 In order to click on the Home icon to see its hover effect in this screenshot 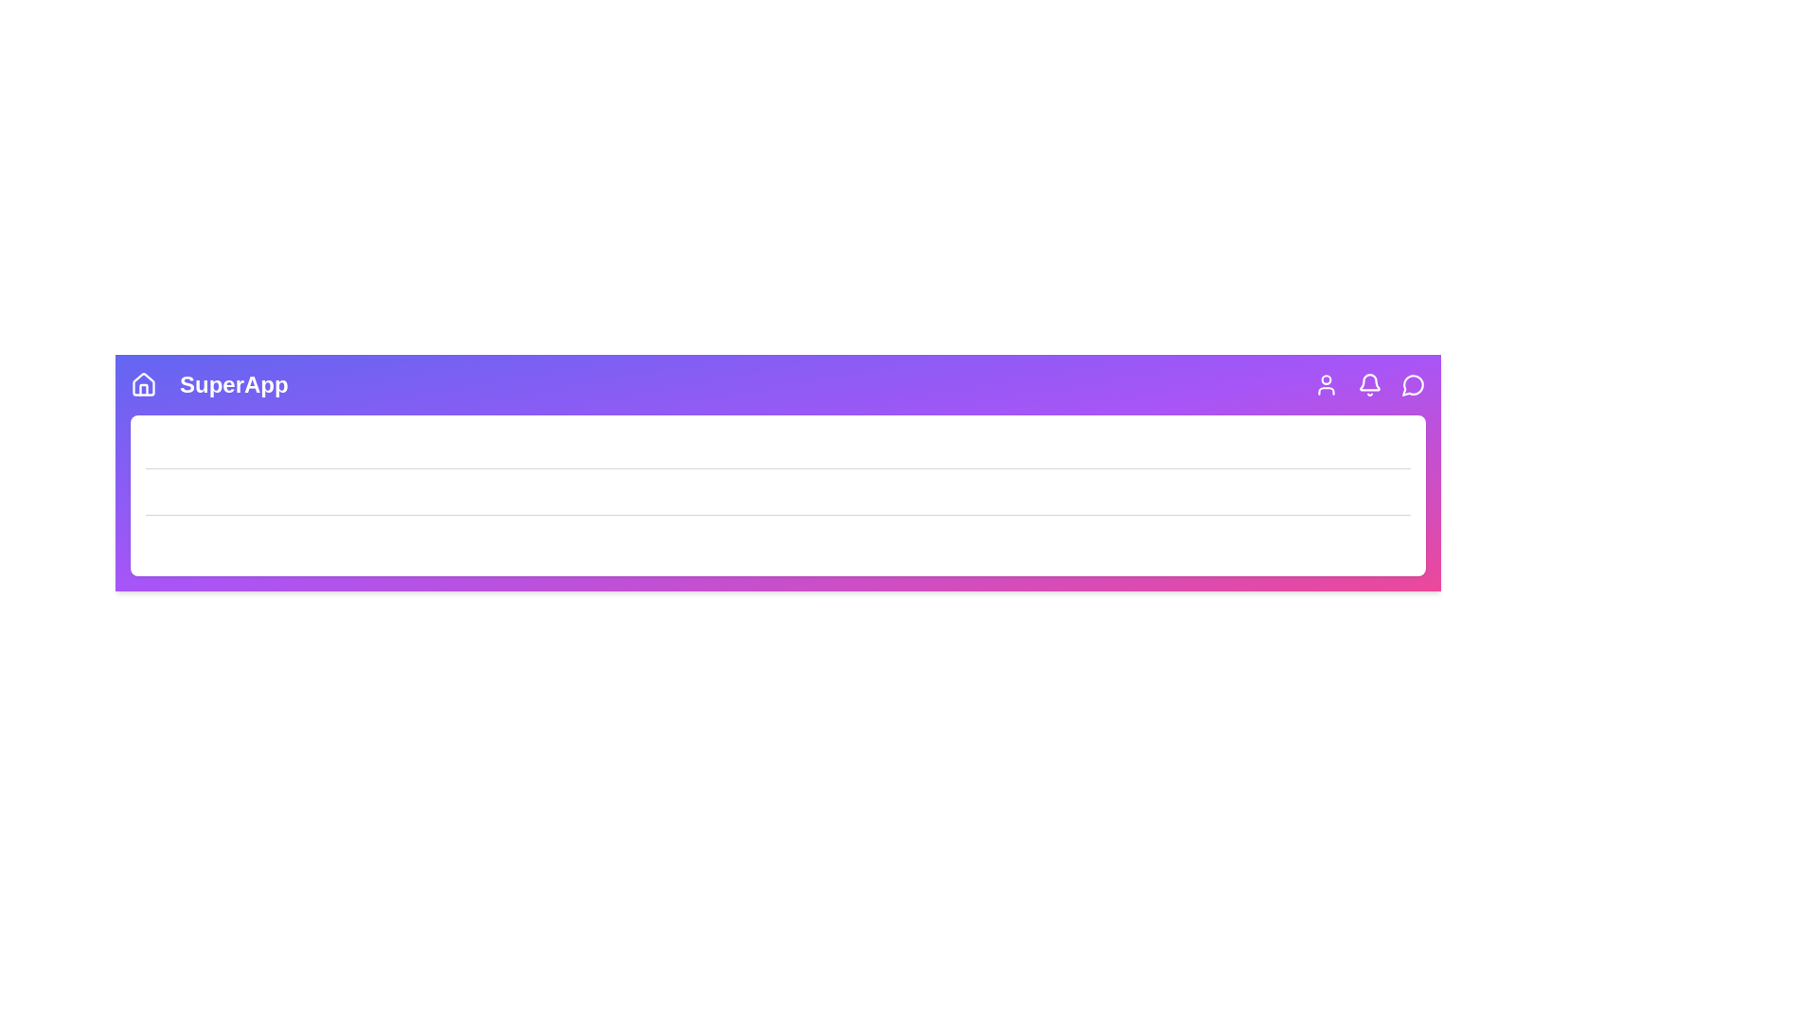, I will do `click(143, 384)`.